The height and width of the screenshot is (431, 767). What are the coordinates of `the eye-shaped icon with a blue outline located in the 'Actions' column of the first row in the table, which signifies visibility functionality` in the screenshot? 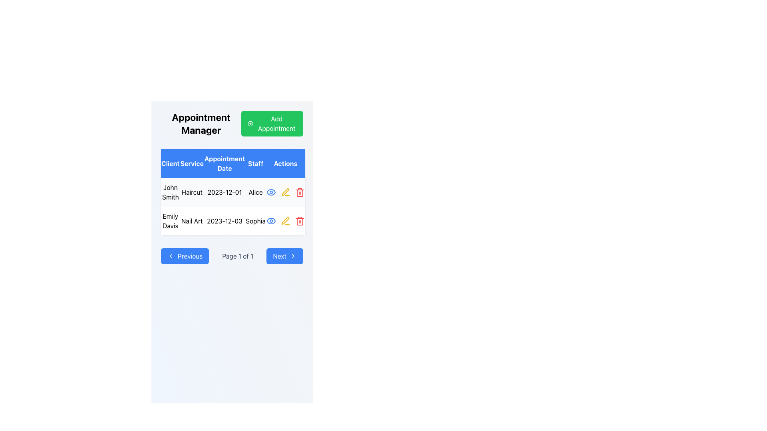 It's located at (271, 192).